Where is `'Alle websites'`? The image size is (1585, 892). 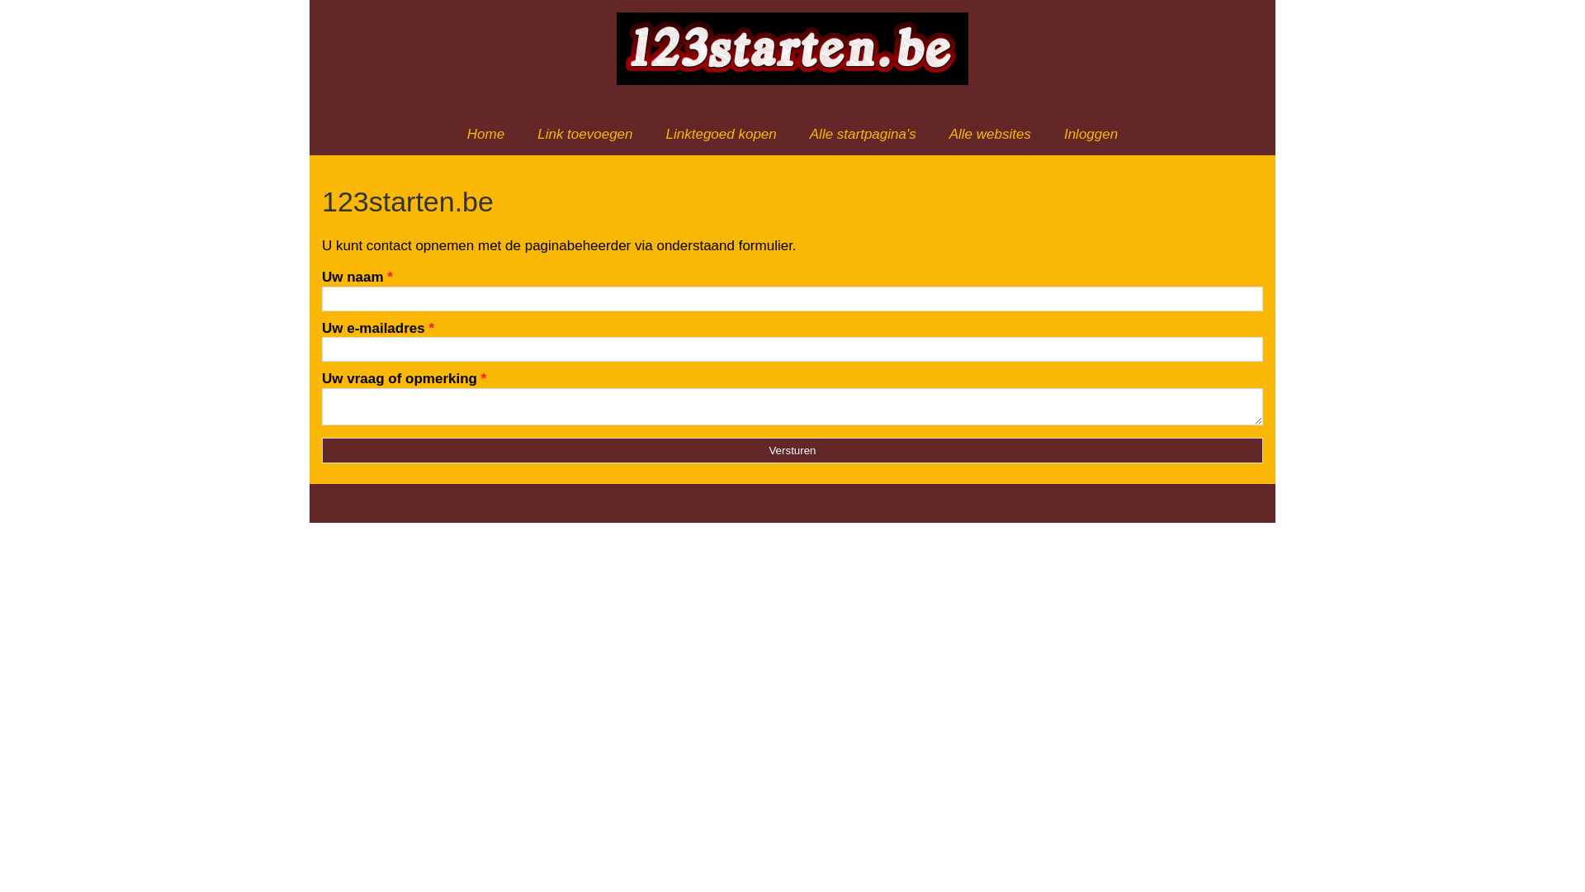
'Alle websites' is located at coordinates (932, 133).